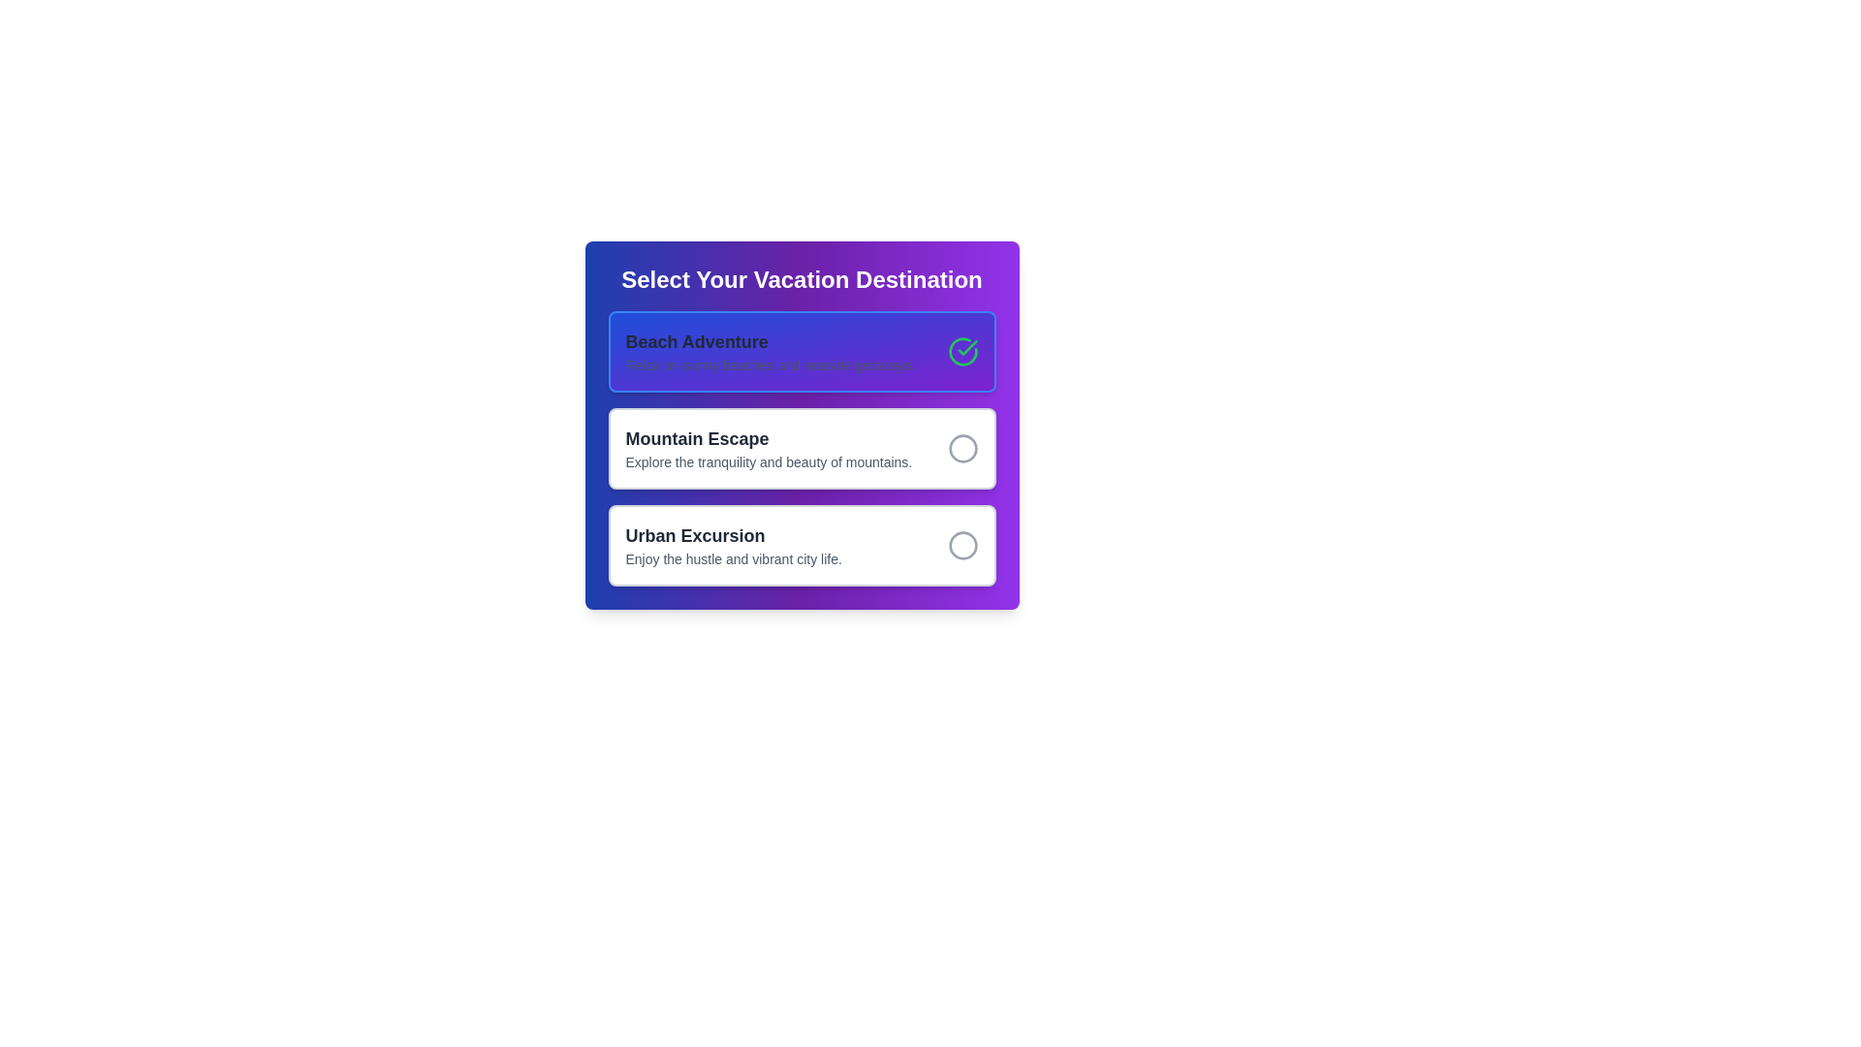 The width and height of the screenshot is (1861, 1047). I want to click on the Static Text displaying 'Relax on sunny beaches and seaside getaways.' located beneath the heading 'Beach Adventure' in the vacation options list, so click(770, 365).